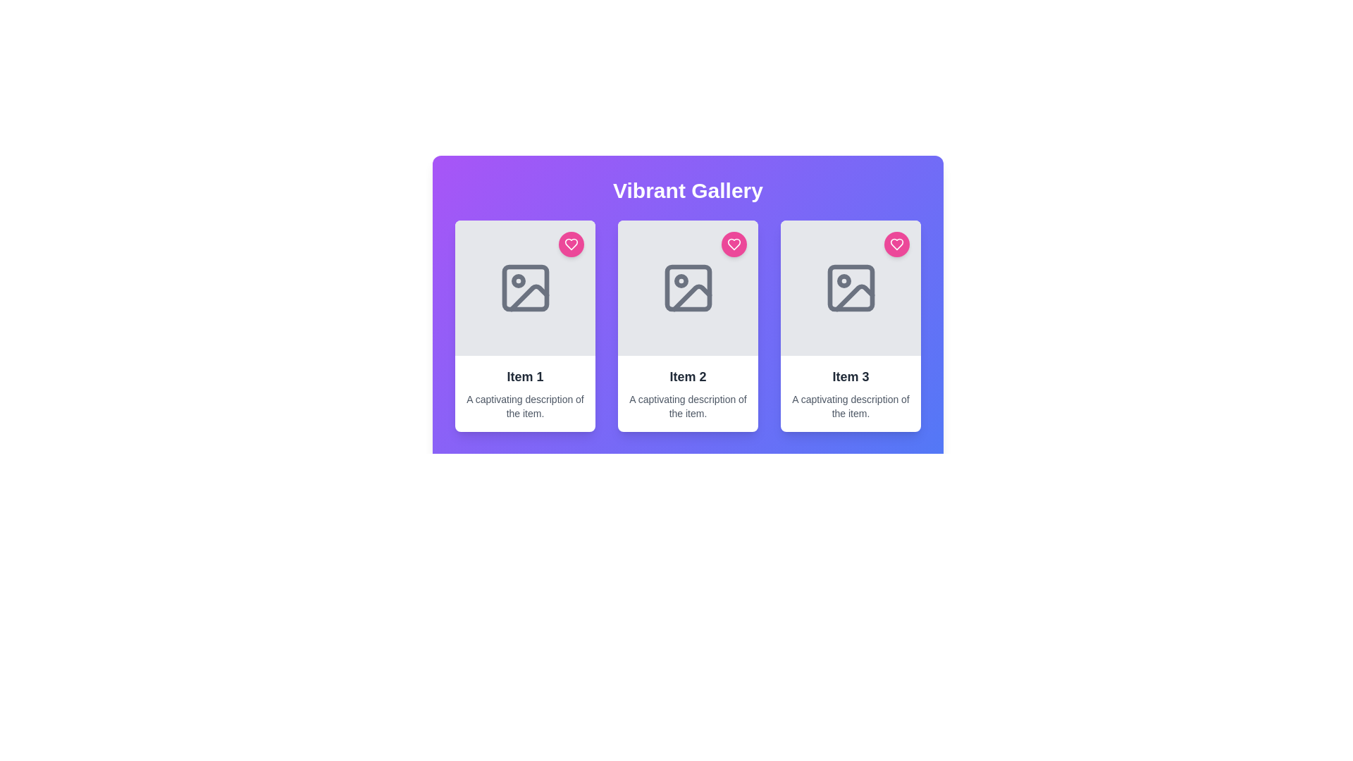 This screenshot has height=761, width=1353. What do you see at coordinates (850, 326) in the screenshot?
I see `the third column card in the 'Vibrant Gallery' grid layout, which displays an item with a title, description, and placeholder image` at bounding box center [850, 326].